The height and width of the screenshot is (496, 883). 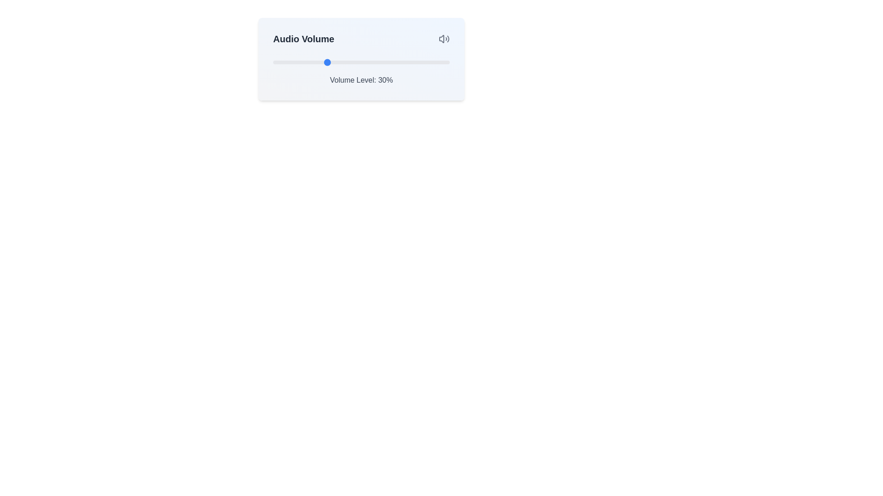 I want to click on the audio volume icon located in the top-right corner of the 'Audio Volume' header, adjacent to the title text, so click(x=444, y=38).